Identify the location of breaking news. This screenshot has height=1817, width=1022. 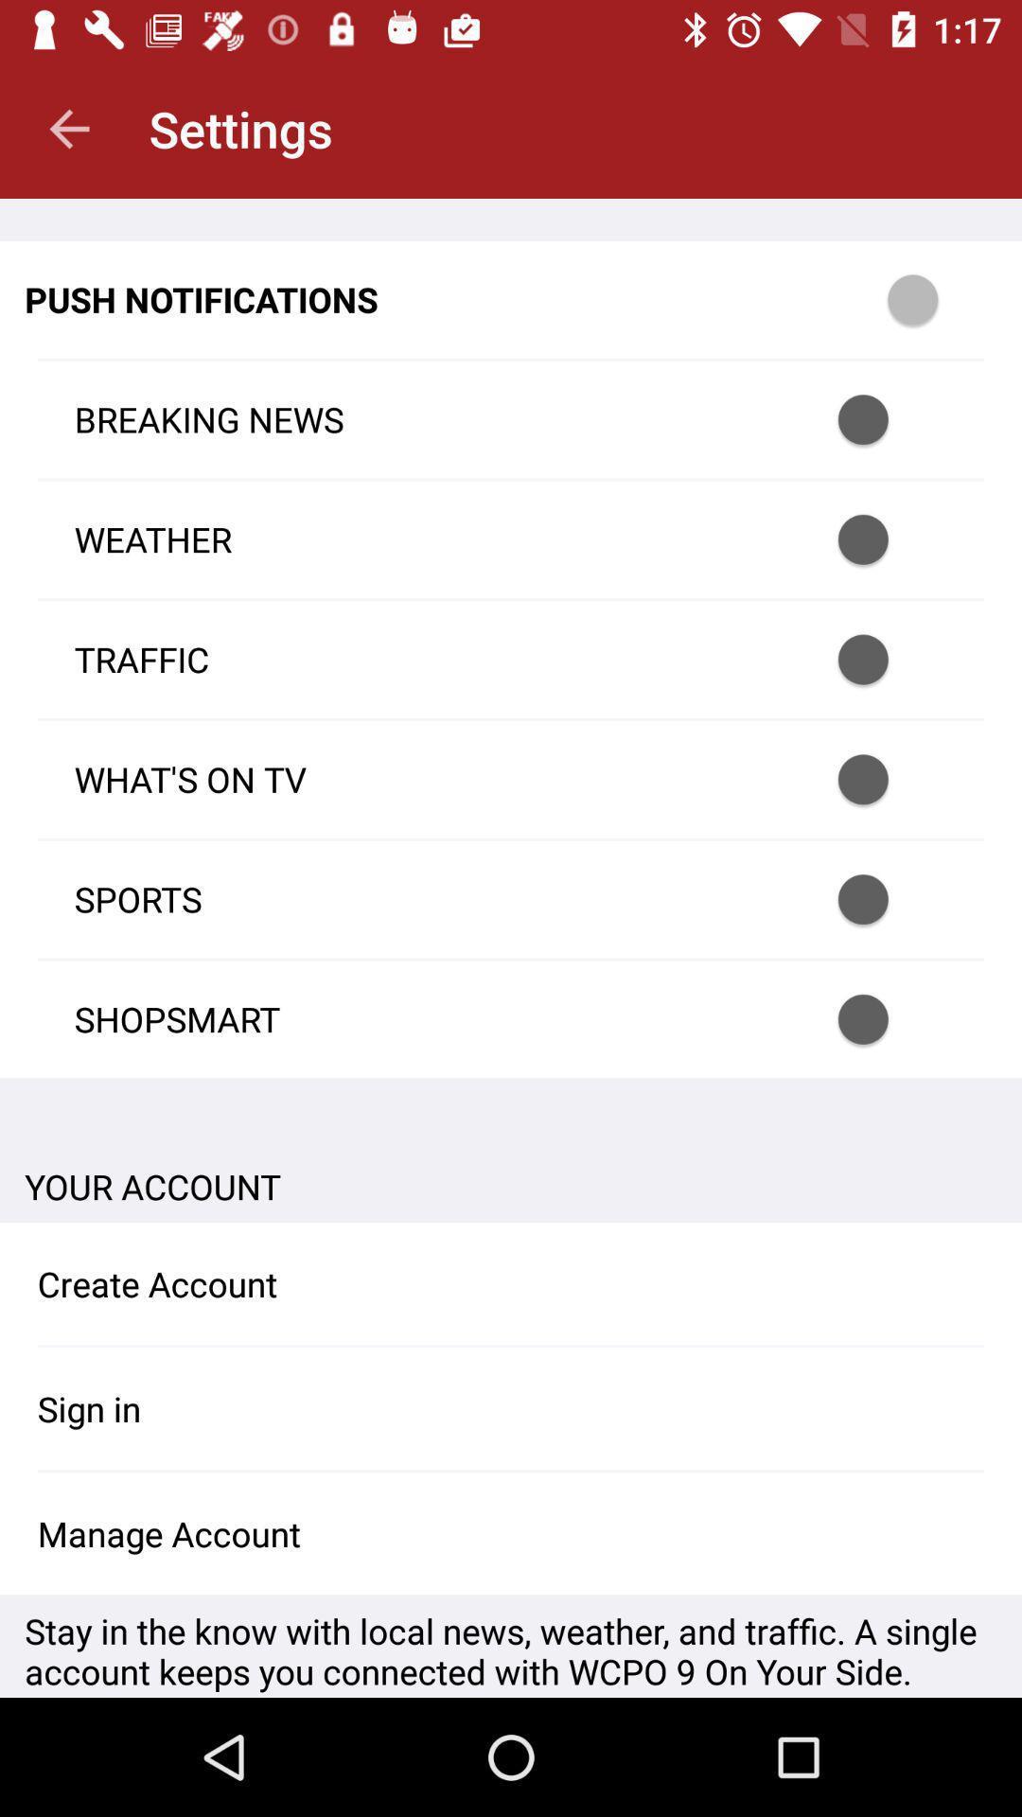
(888, 418).